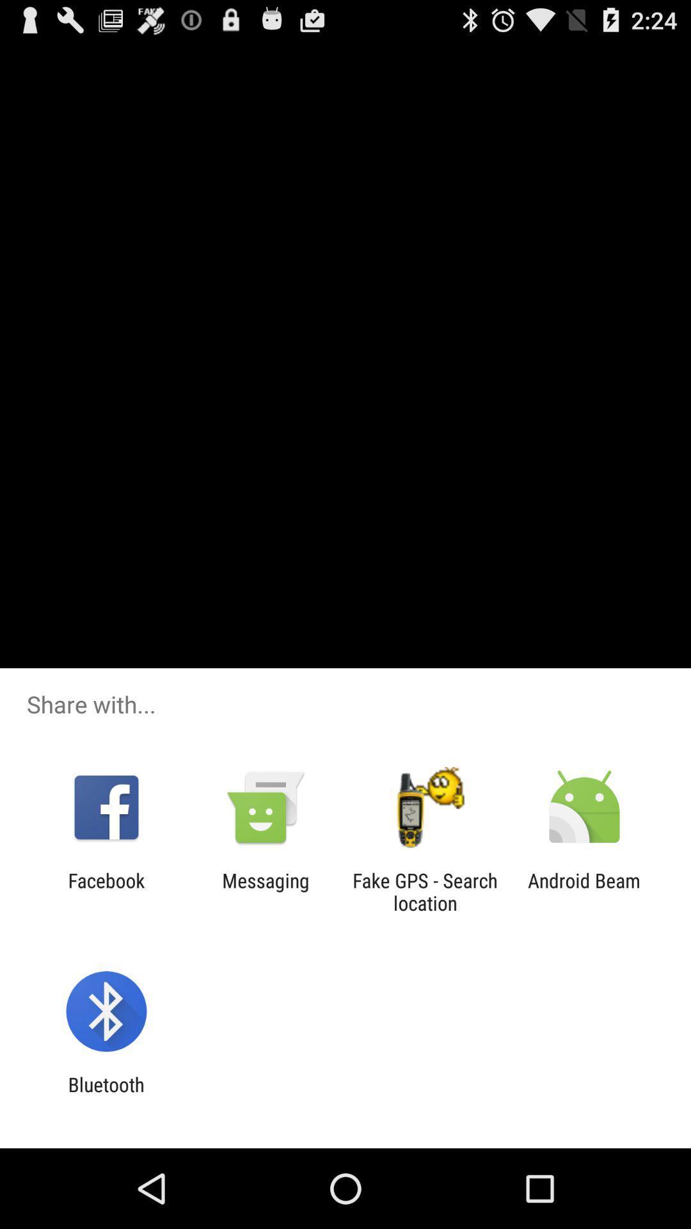 The width and height of the screenshot is (691, 1229). I want to click on the item to the right of the facebook icon, so click(265, 891).